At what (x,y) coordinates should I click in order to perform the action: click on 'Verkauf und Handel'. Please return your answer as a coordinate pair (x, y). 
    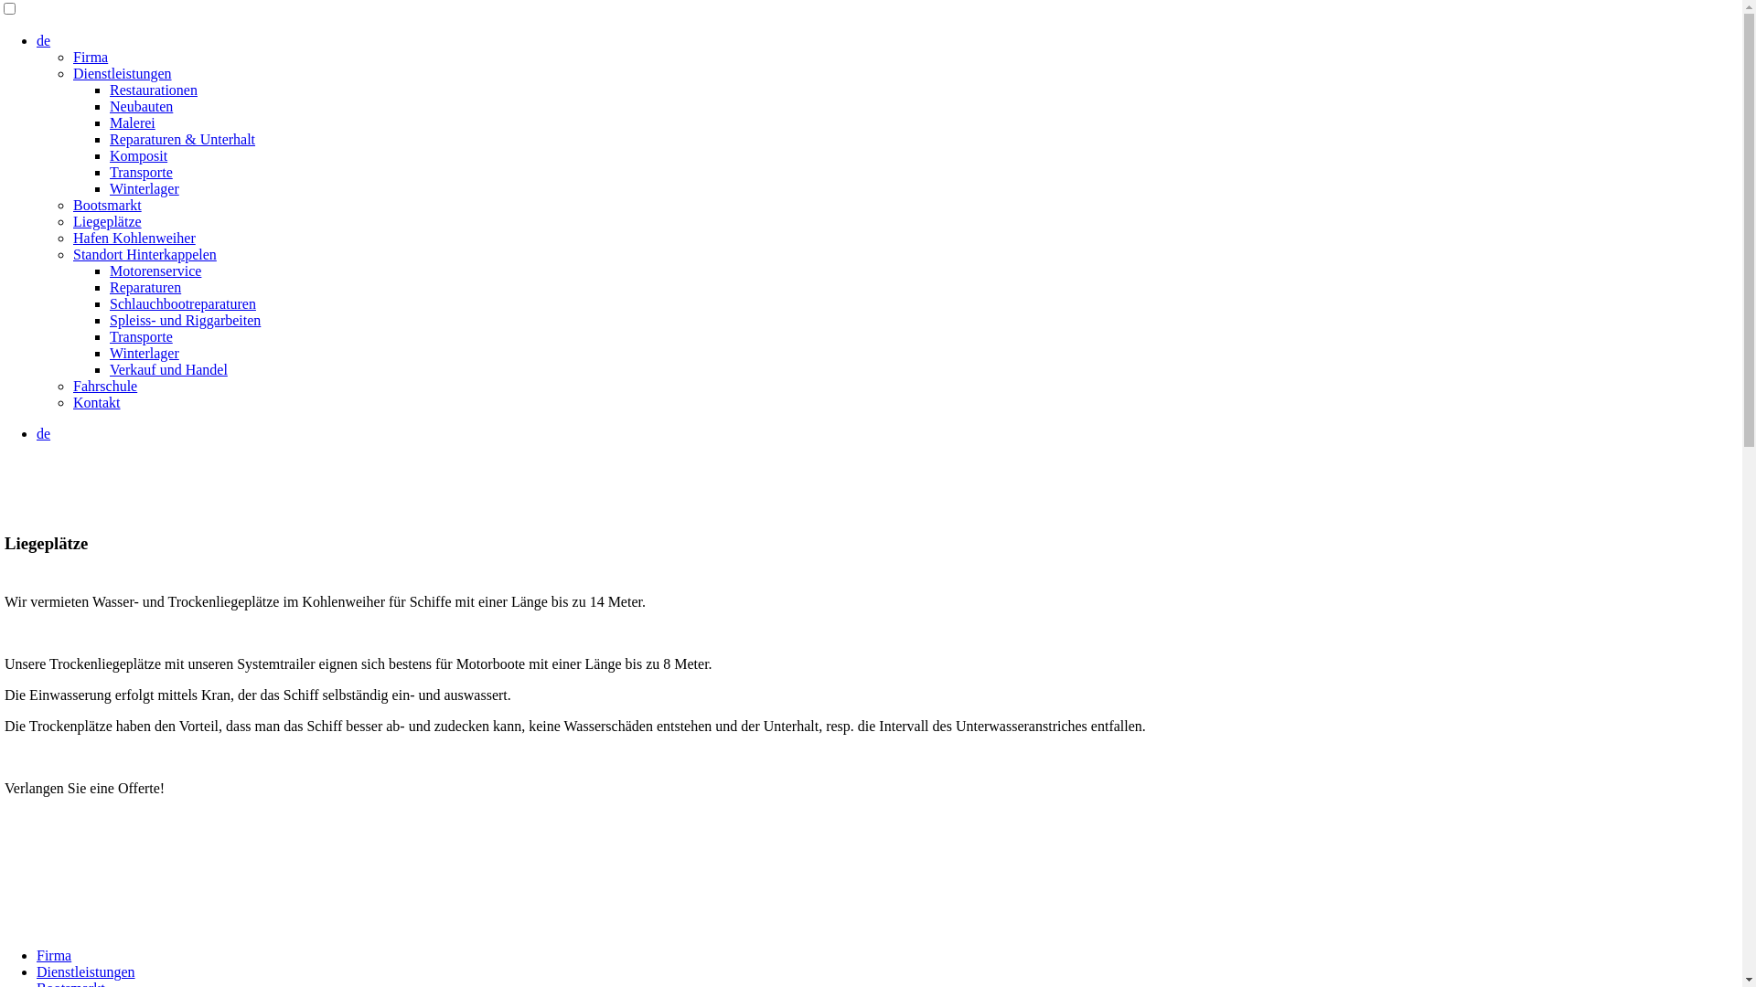
    Looking at the image, I should click on (109, 369).